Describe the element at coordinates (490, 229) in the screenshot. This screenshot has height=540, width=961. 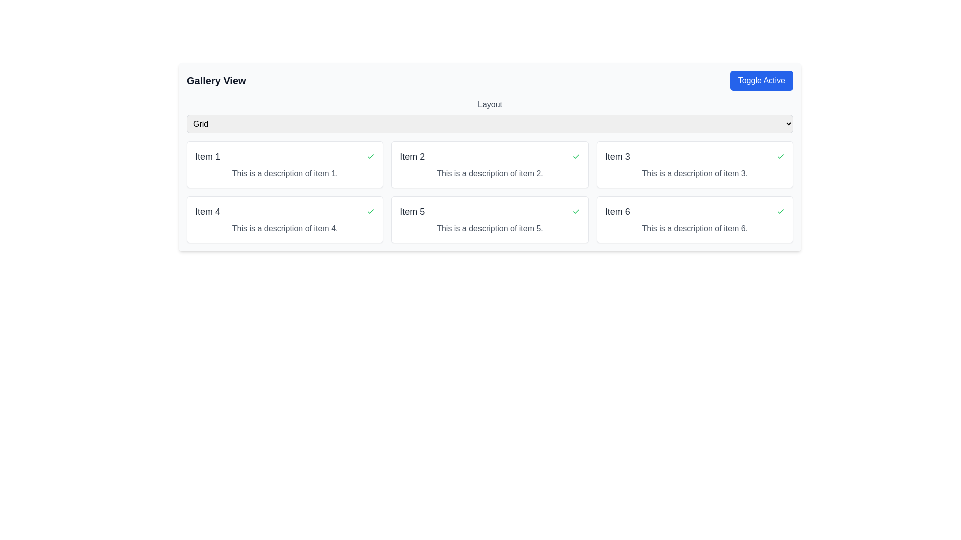
I see `the text label that reads 'This is a description of item 5.' which is styled with a light-gray color and located below the heading 'Item 5'` at that location.